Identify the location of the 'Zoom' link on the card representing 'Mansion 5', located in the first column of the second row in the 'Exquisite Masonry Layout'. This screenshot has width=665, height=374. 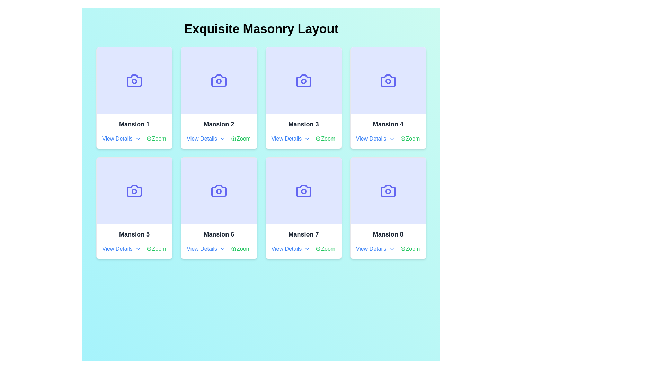
(134, 241).